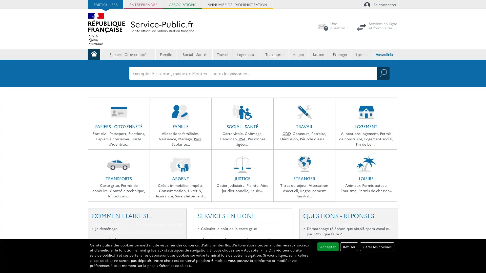 This screenshot has height=273, width=486. I want to click on Argent, so click(298, 54).